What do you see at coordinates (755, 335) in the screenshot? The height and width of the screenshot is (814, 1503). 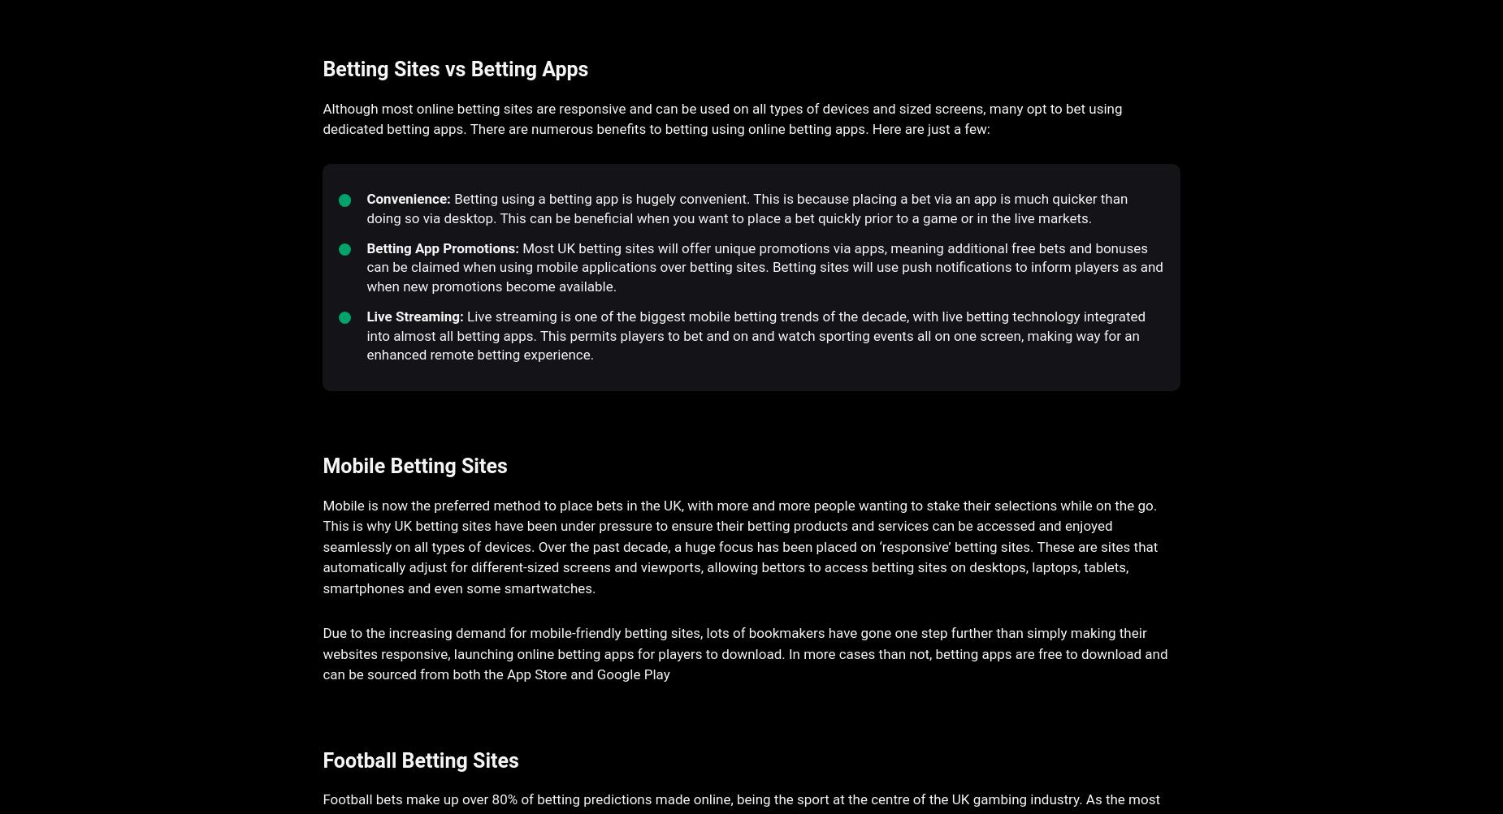 I see `'Live streaming is one of the biggest mobile betting trends of the decade, with live betting technology integrated into almost all betting apps. This permits players to bet and on and watch sporting events all on one screen, making way for an enhanced remote betting experience.'` at bounding box center [755, 335].